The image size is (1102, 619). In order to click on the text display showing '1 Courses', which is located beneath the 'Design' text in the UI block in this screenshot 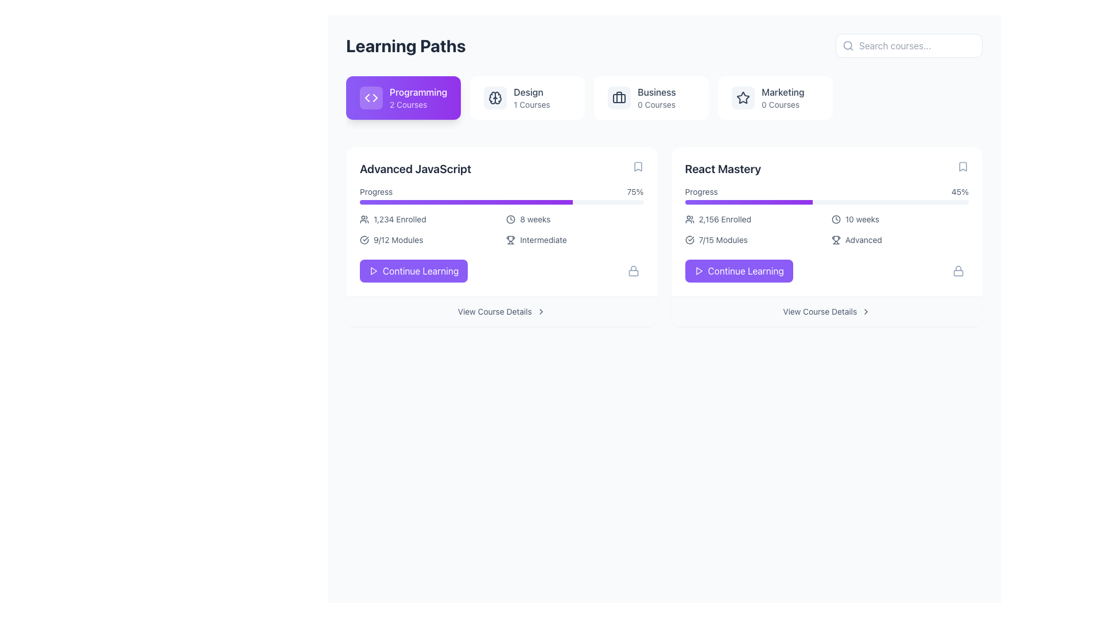, I will do `click(531, 104)`.